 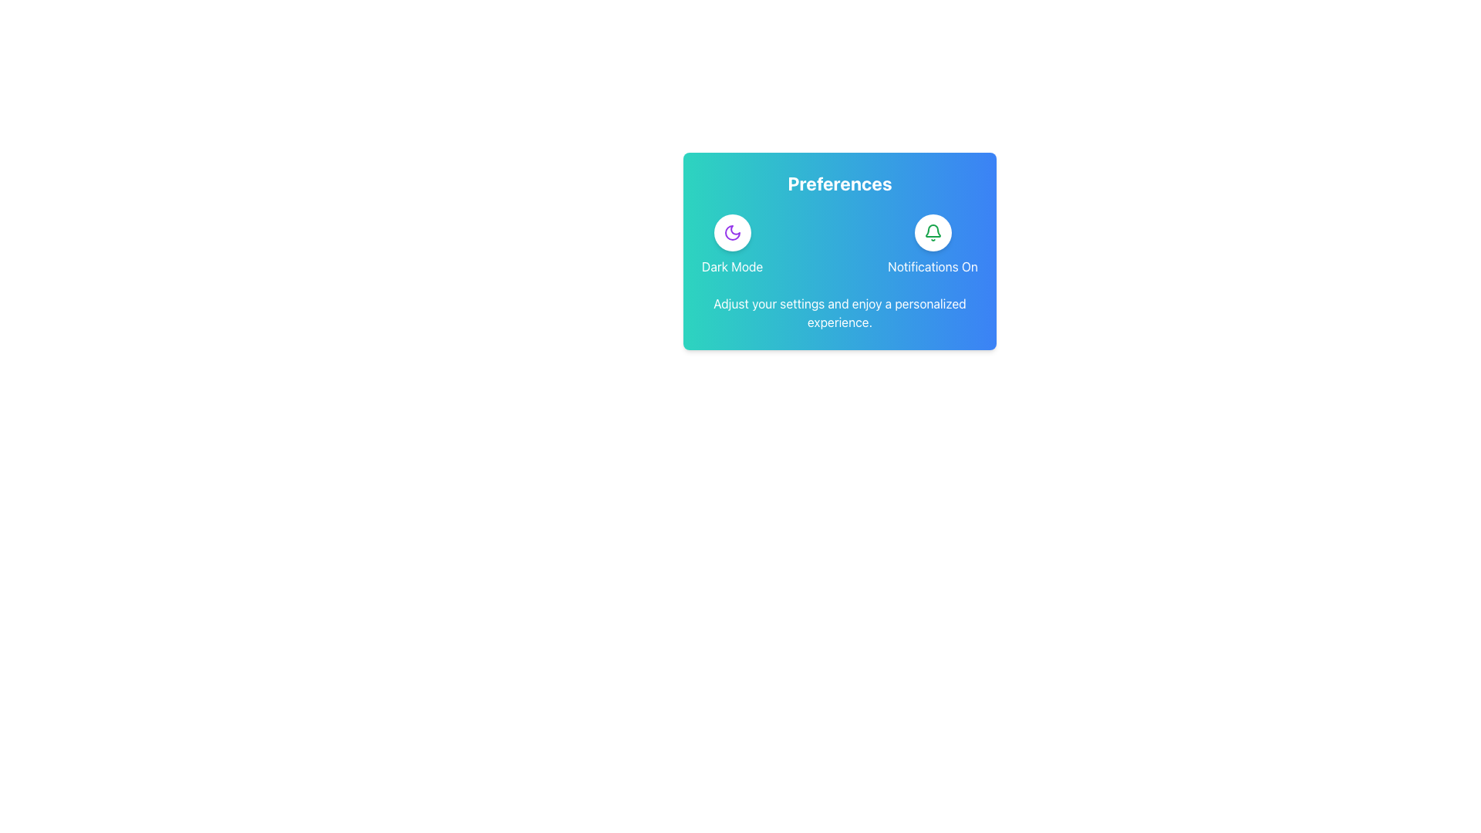 What do you see at coordinates (932, 231) in the screenshot?
I see `the notification bell icon located in the preferences section of the interface` at bounding box center [932, 231].